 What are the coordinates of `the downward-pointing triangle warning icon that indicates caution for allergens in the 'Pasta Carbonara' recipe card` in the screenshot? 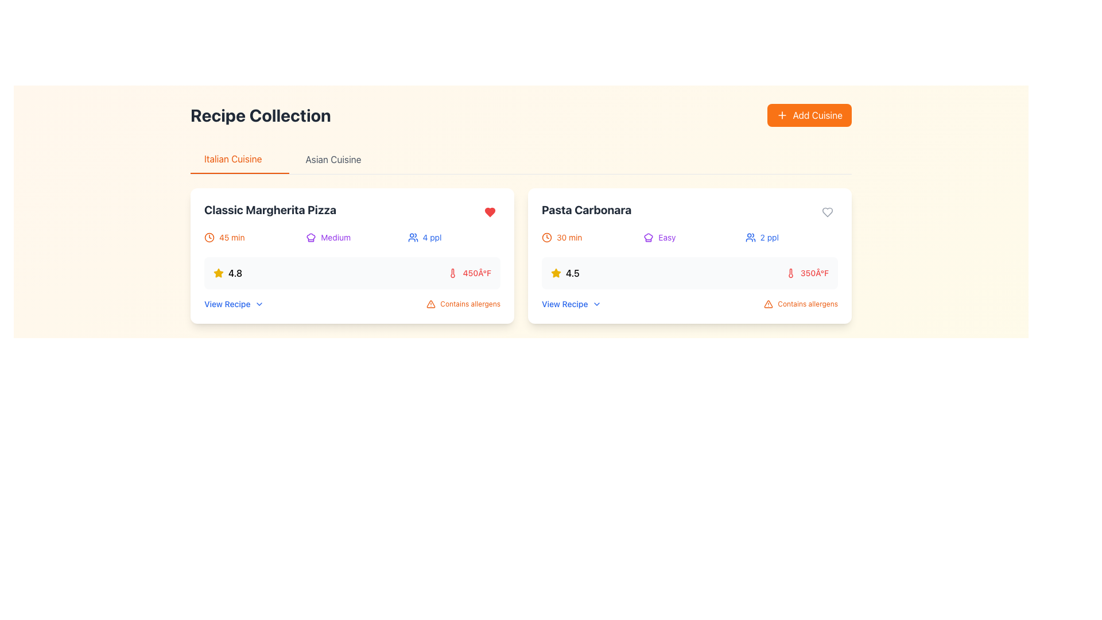 It's located at (769, 303).